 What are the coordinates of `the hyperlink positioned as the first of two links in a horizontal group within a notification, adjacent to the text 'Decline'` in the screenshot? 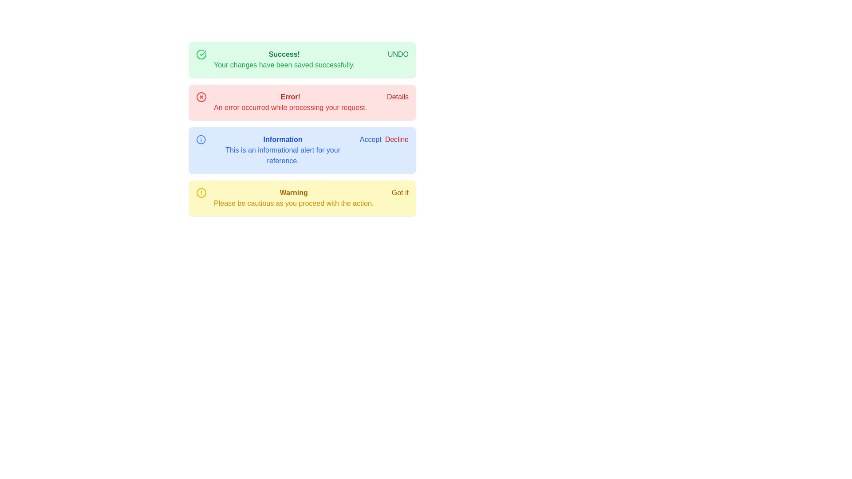 It's located at (371, 140).